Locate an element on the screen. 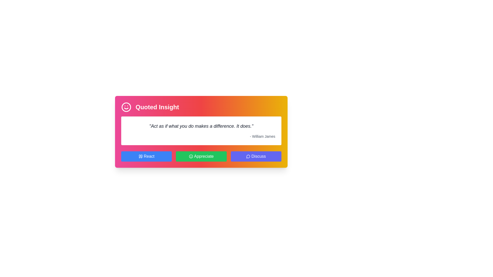 The height and width of the screenshot is (277, 493). the second button in a row of three buttons located at the bottom of a card, positioned between the 'React' button and the 'Discuss' button is located at coordinates (201, 156).